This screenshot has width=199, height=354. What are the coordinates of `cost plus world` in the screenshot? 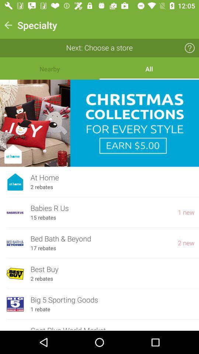 It's located at (112, 327).